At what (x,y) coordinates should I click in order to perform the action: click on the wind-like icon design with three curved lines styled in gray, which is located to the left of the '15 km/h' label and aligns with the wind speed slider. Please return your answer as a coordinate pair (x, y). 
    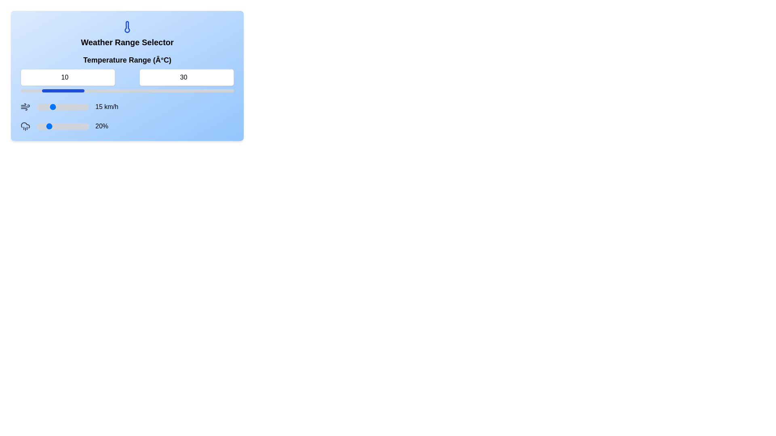
    Looking at the image, I should click on (25, 107).